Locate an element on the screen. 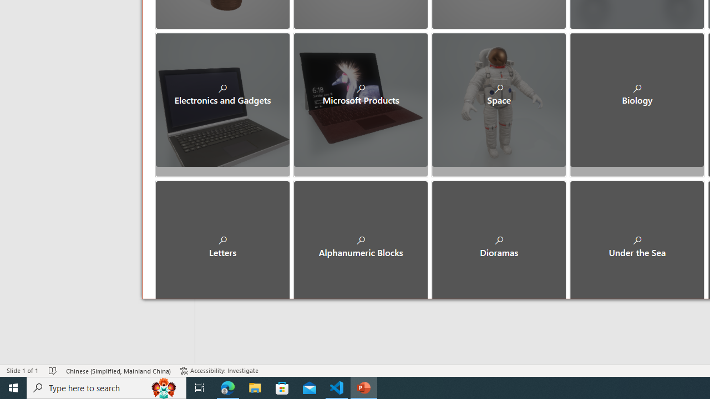  'Alphanumeric Blocks' is located at coordinates (361, 237).